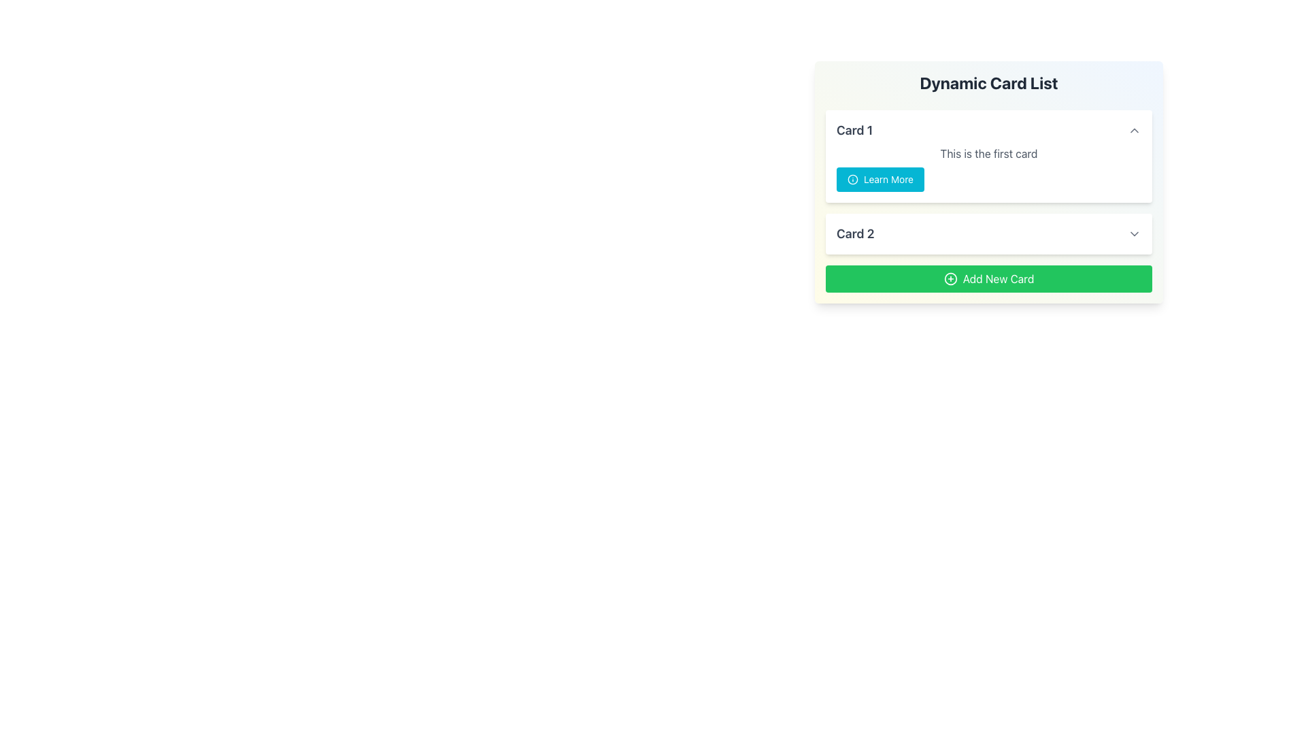 This screenshot has width=1306, height=735. Describe the element at coordinates (989, 278) in the screenshot. I see `the interactive button for adding a new card, located at the bottom of the list beneath 'Card 2'` at that location.